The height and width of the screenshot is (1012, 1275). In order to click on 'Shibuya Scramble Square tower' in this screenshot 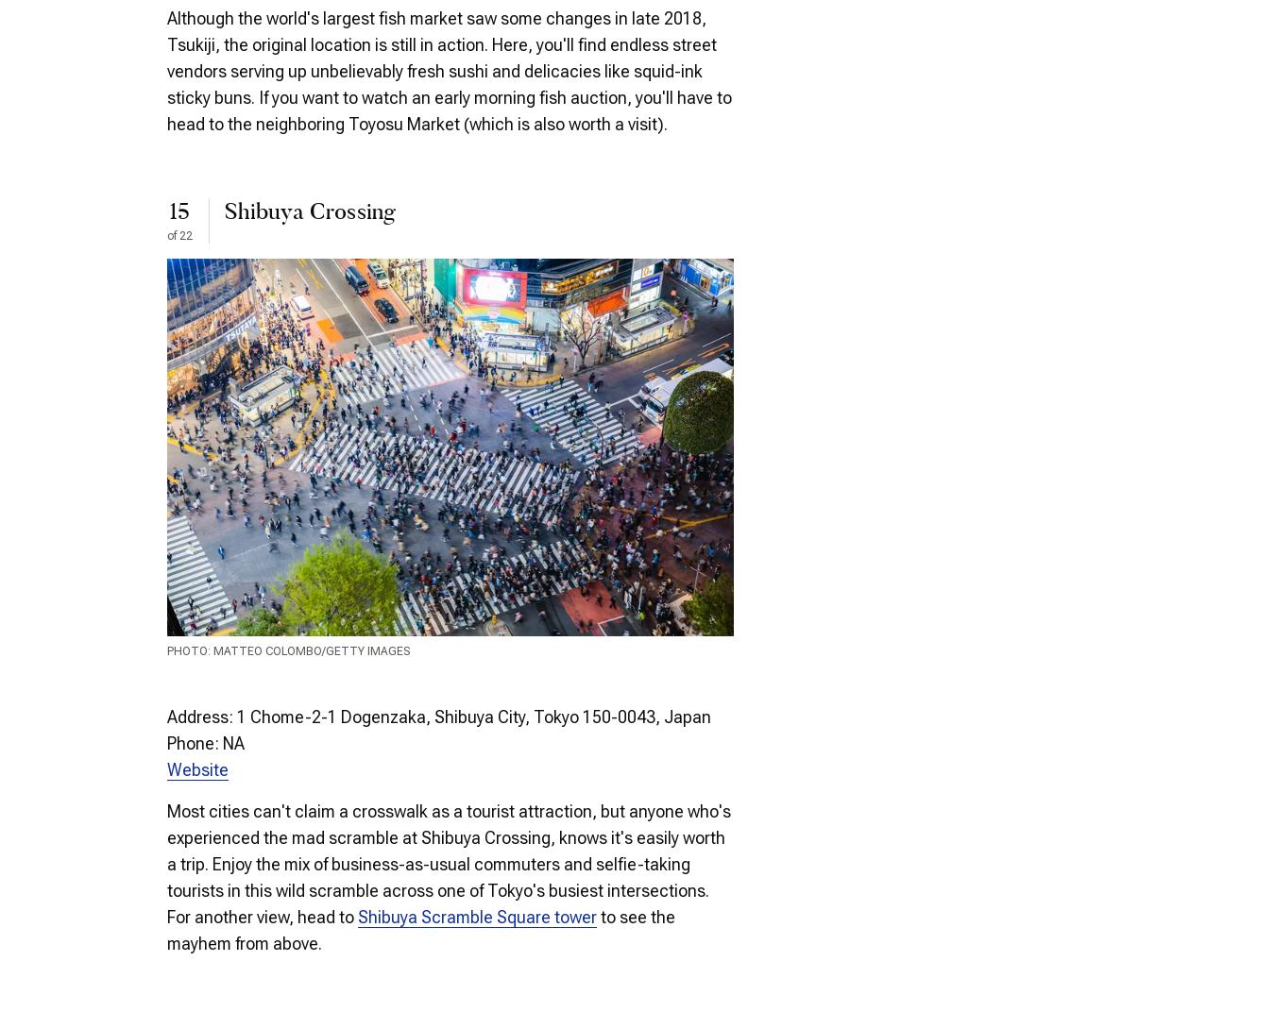, I will do `click(357, 915)`.